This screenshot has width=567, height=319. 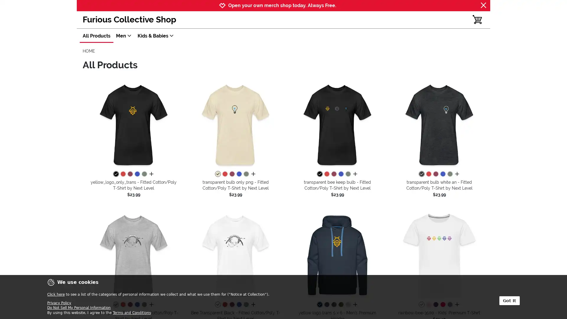 What do you see at coordinates (340, 305) in the screenshot?
I see `olive green` at bounding box center [340, 305].